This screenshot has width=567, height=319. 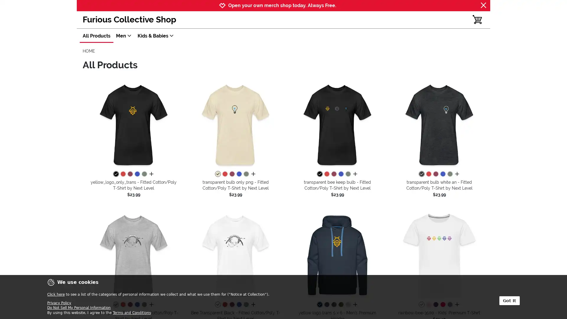 What do you see at coordinates (340, 305) in the screenshot?
I see `olive green` at bounding box center [340, 305].